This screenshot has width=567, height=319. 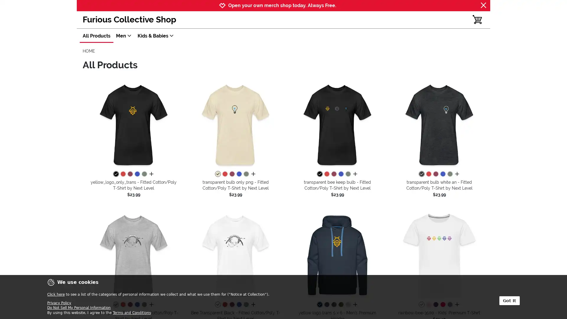 What do you see at coordinates (340, 305) in the screenshot?
I see `olive green` at bounding box center [340, 305].